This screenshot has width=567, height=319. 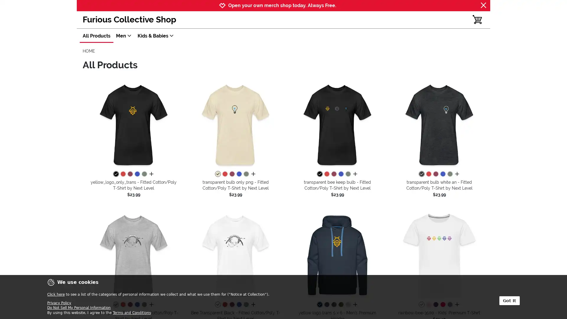 What do you see at coordinates (340, 305) in the screenshot?
I see `olive green` at bounding box center [340, 305].